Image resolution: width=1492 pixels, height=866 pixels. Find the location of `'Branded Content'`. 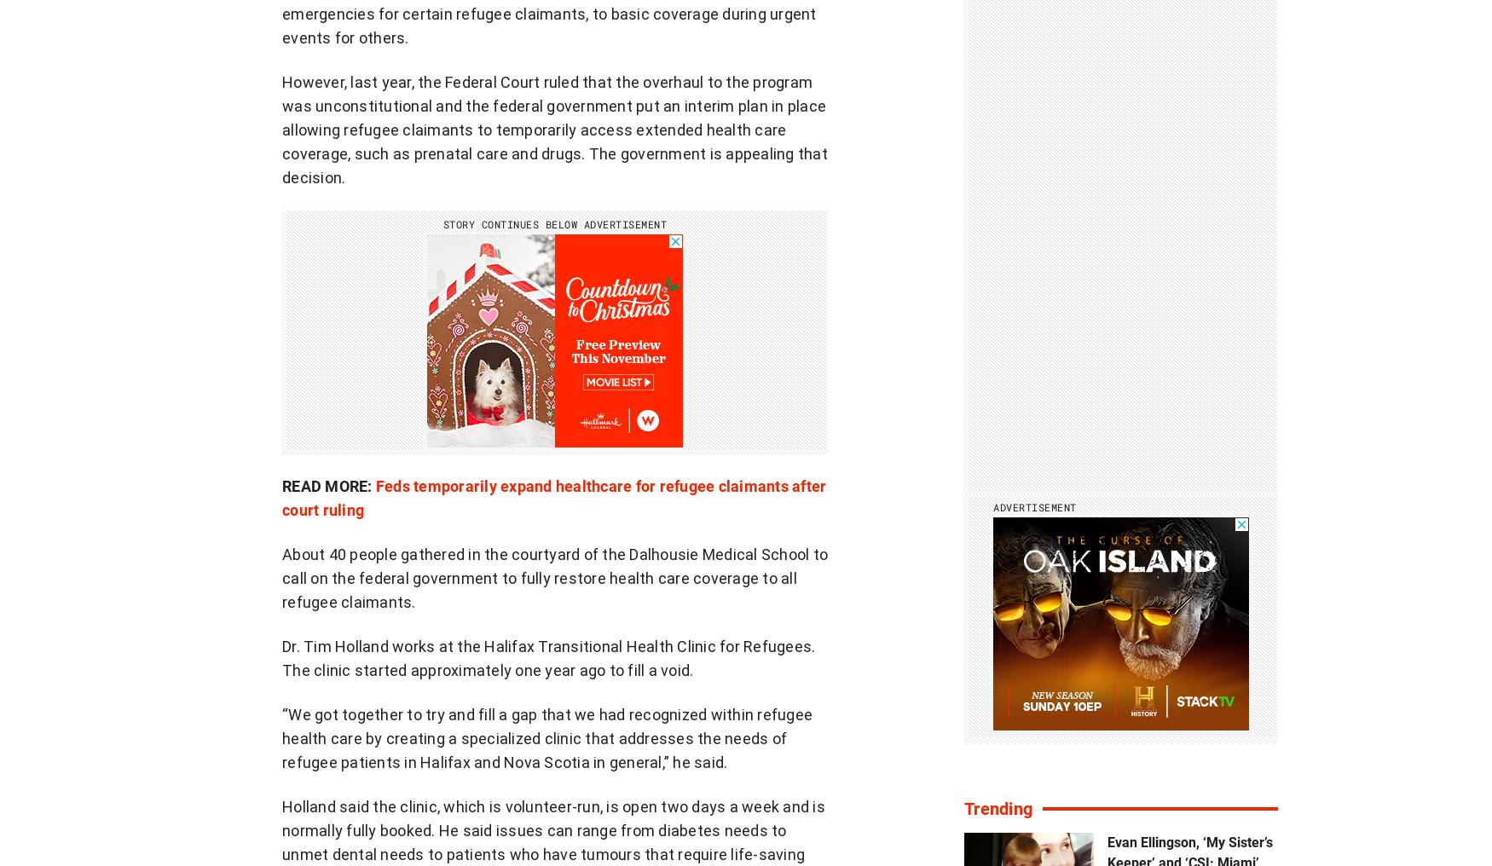

'Branded Content' is located at coordinates (471, 710).